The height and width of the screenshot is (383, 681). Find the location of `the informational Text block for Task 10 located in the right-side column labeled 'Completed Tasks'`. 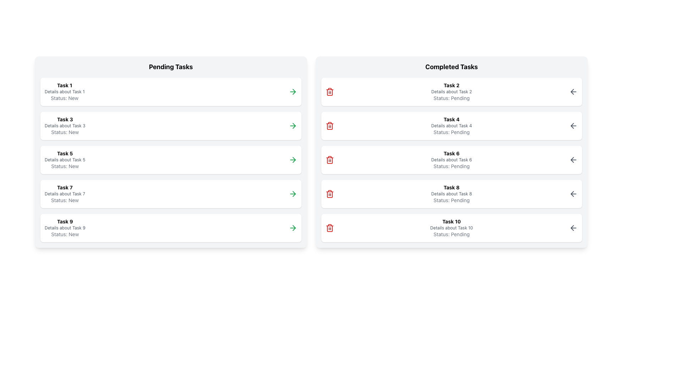

the informational Text block for Task 10 located in the right-side column labeled 'Completed Tasks' is located at coordinates (451, 228).